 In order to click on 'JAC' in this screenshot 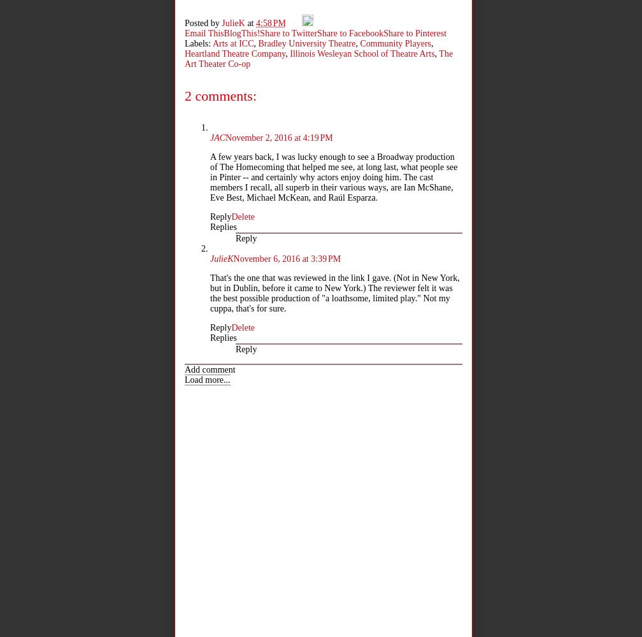, I will do `click(218, 137)`.